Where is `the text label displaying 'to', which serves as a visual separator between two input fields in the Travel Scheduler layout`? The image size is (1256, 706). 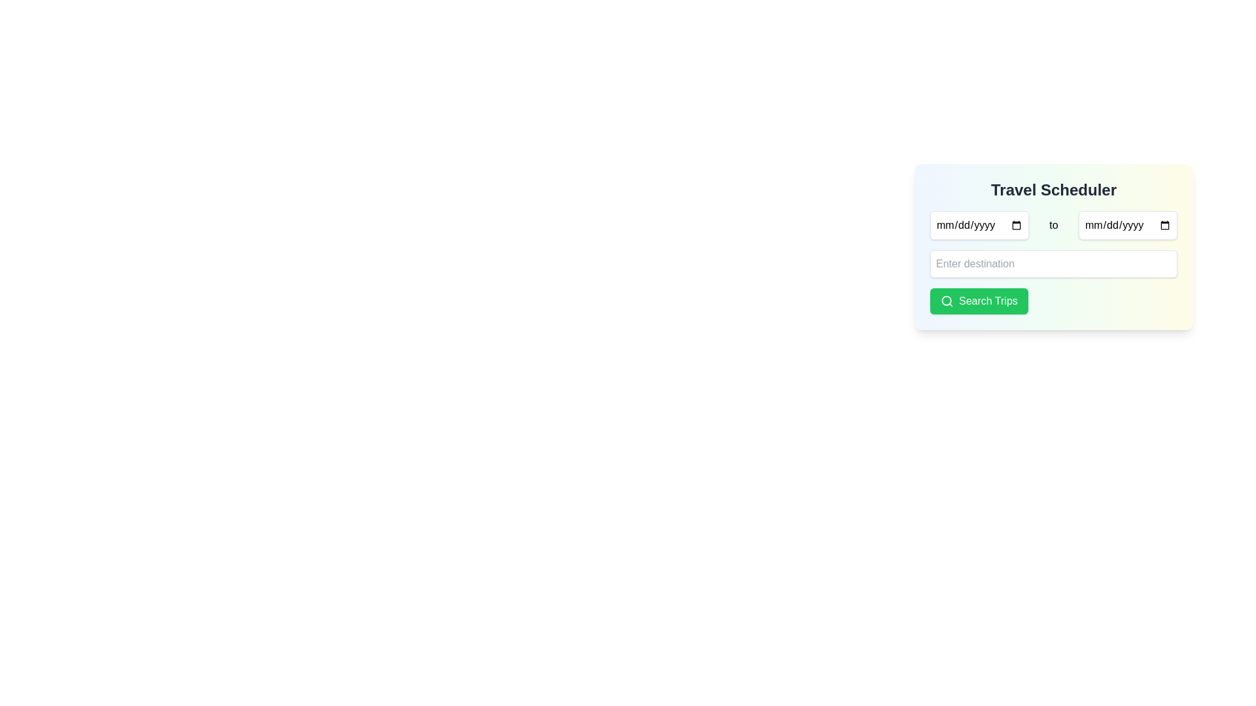
the text label displaying 'to', which serves as a visual separator between two input fields in the Travel Scheduler layout is located at coordinates (1054, 224).